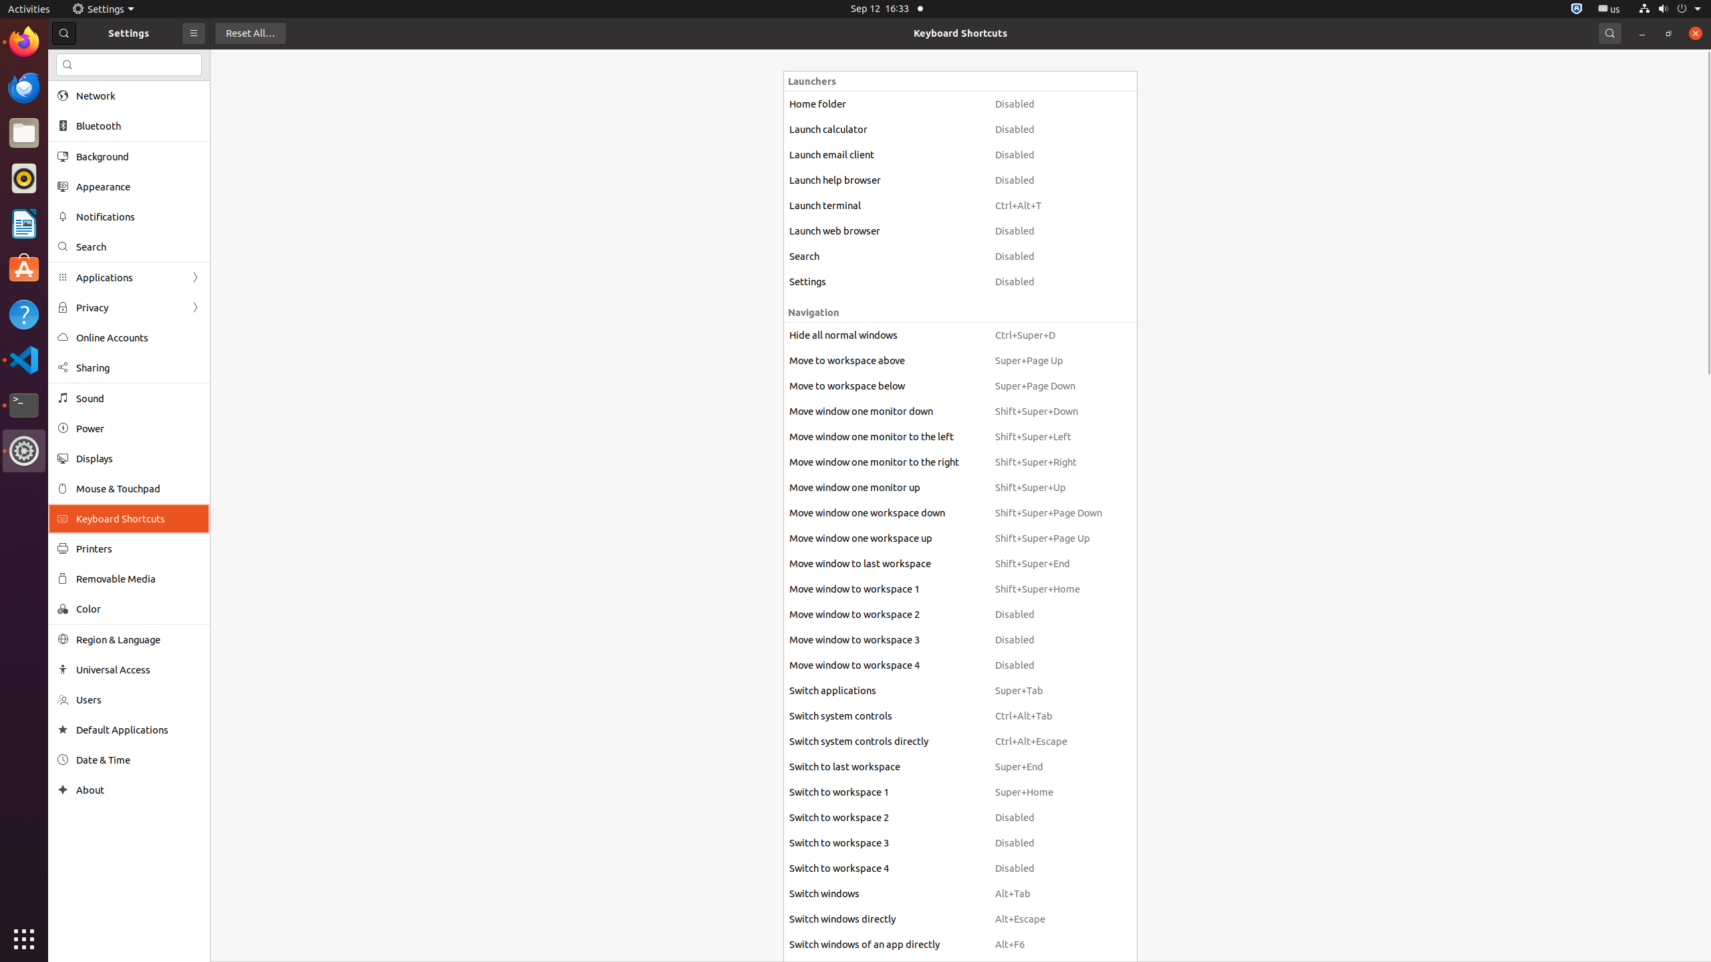  Describe the element at coordinates (886, 740) in the screenshot. I see `'Switch system controls directly'` at that location.